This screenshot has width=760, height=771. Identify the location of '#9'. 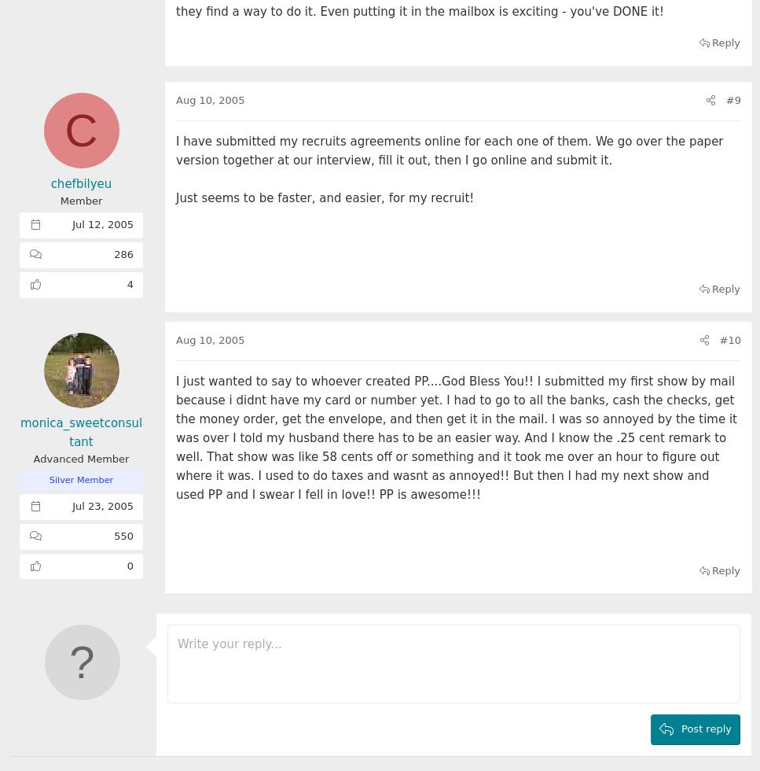
(732, 100).